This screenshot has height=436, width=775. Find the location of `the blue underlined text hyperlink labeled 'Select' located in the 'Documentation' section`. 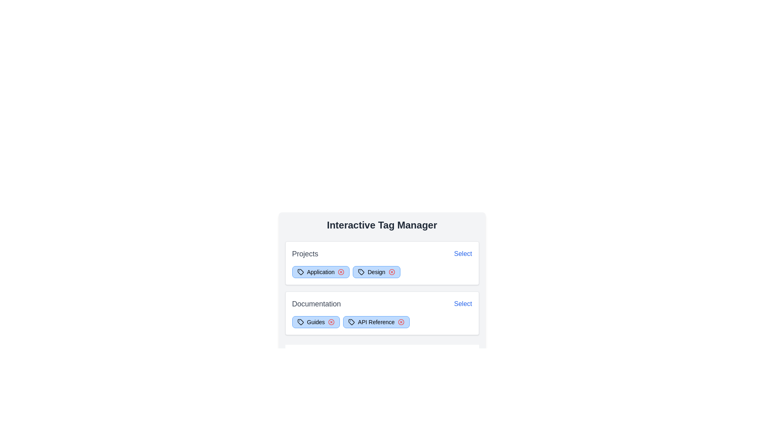

the blue underlined text hyperlink labeled 'Select' located in the 'Documentation' section is located at coordinates (463, 304).